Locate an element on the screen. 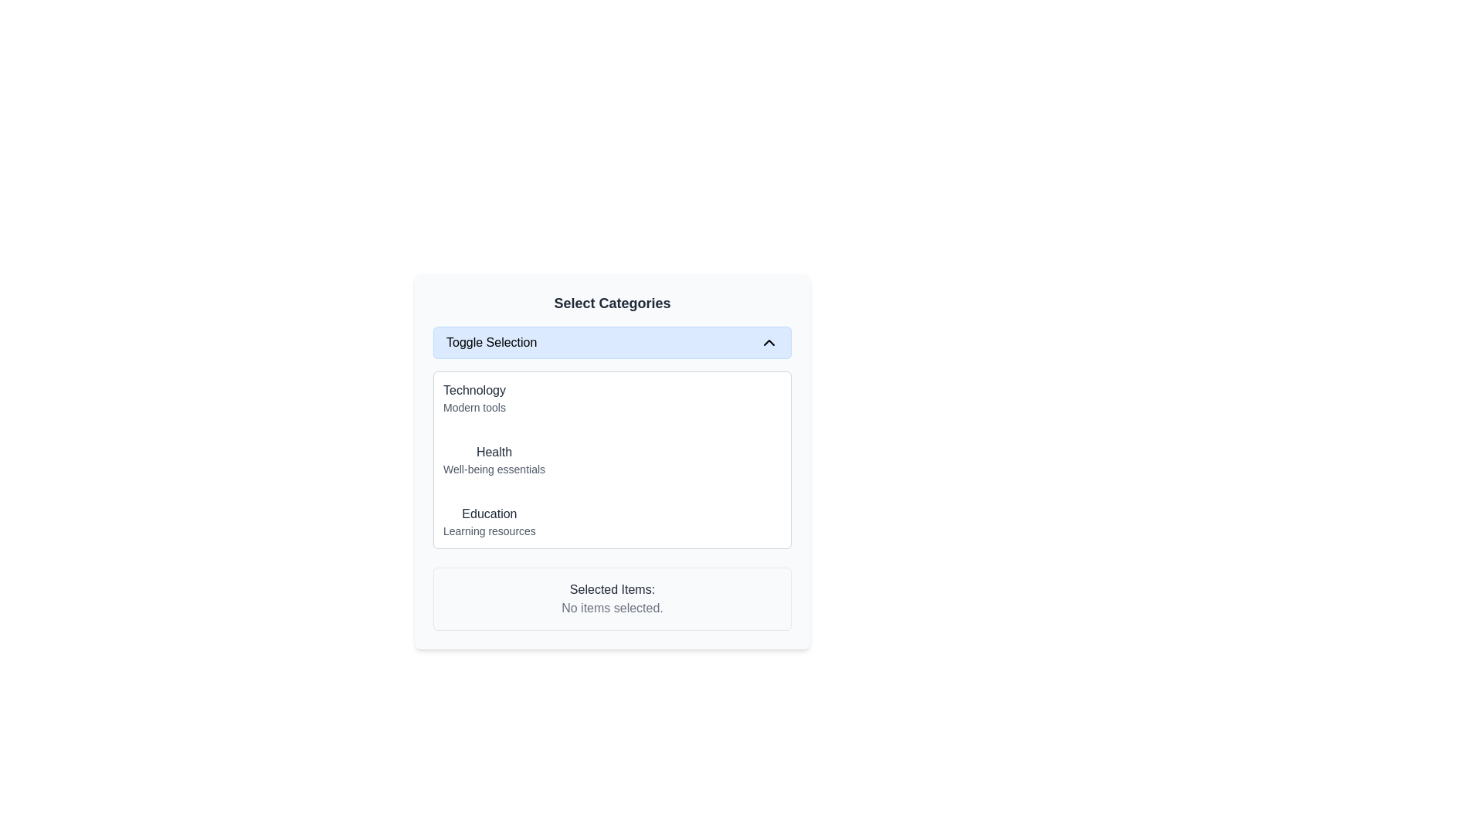 This screenshot has width=1483, height=834. the 'Technology' category label, which features bold black text and a lighter gray subtitle is located at coordinates (473, 398).